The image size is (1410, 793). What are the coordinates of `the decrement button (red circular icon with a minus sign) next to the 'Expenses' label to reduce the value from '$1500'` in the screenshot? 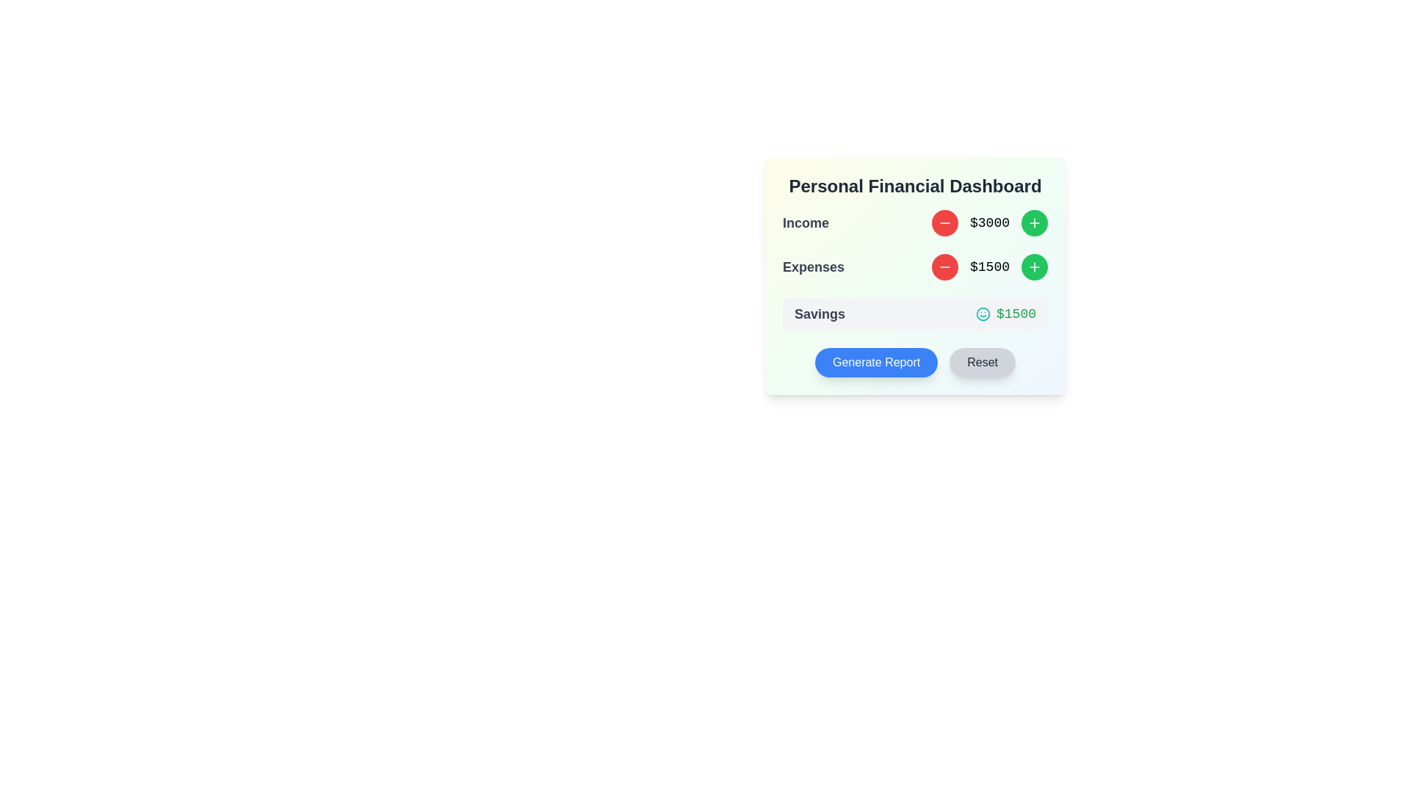 It's located at (914, 267).